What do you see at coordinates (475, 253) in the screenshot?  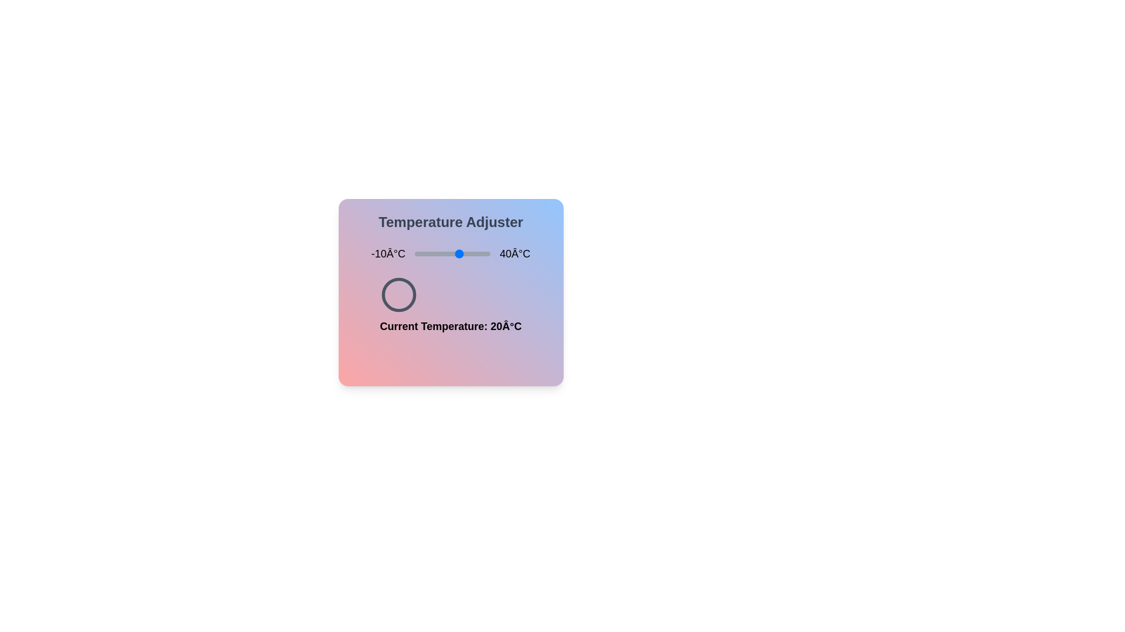 I see `the temperature to 30 degrees Celsius using the slider` at bounding box center [475, 253].